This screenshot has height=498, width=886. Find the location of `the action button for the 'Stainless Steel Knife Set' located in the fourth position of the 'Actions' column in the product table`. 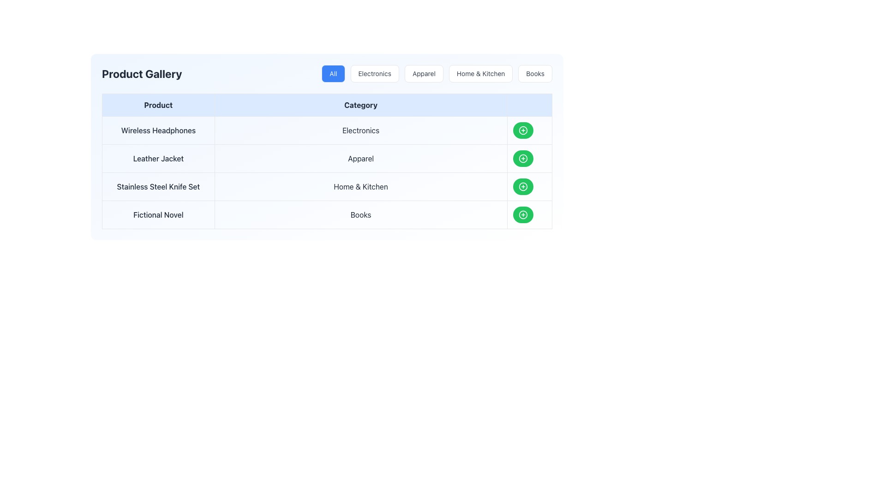

the action button for the 'Stainless Steel Knife Set' located in the fourth position of the 'Actions' column in the product table is located at coordinates (529, 187).